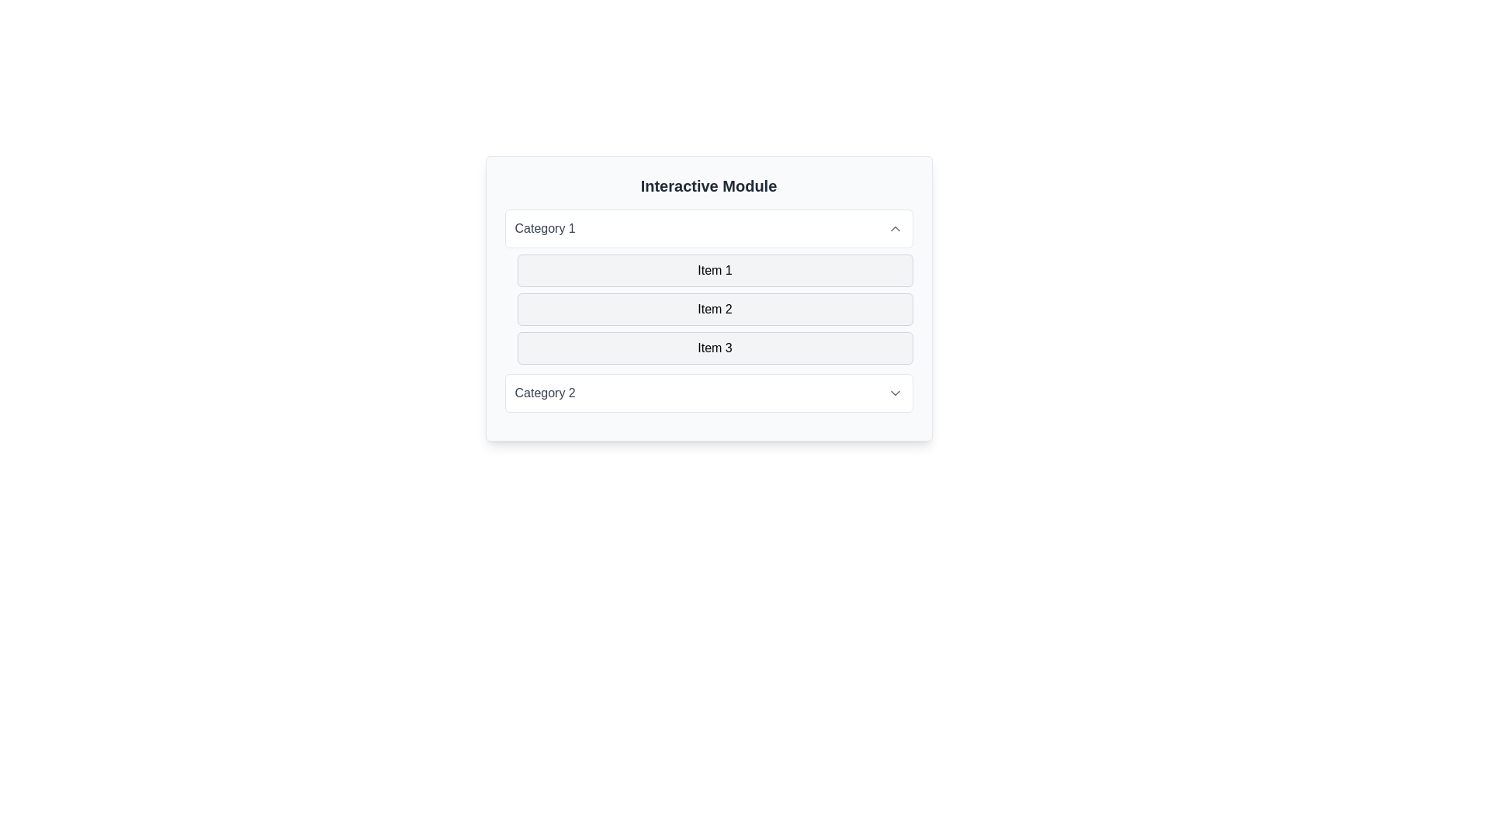 This screenshot has width=1490, height=838. I want to click on the downward-pointing chevron icon in the 'Category 2' dropdown, so click(895, 392).